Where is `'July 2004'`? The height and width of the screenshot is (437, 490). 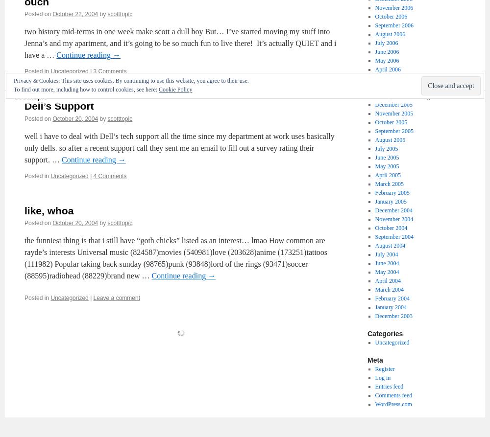 'July 2004' is located at coordinates (375, 253).